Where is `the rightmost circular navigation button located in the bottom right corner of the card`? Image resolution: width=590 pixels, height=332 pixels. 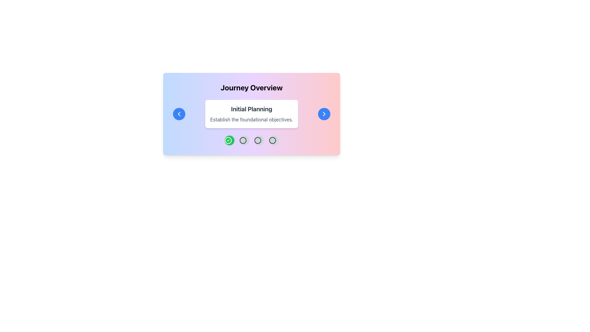 the rightmost circular navigation button located in the bottom right corner of the card is located at coordinates (324, 114).